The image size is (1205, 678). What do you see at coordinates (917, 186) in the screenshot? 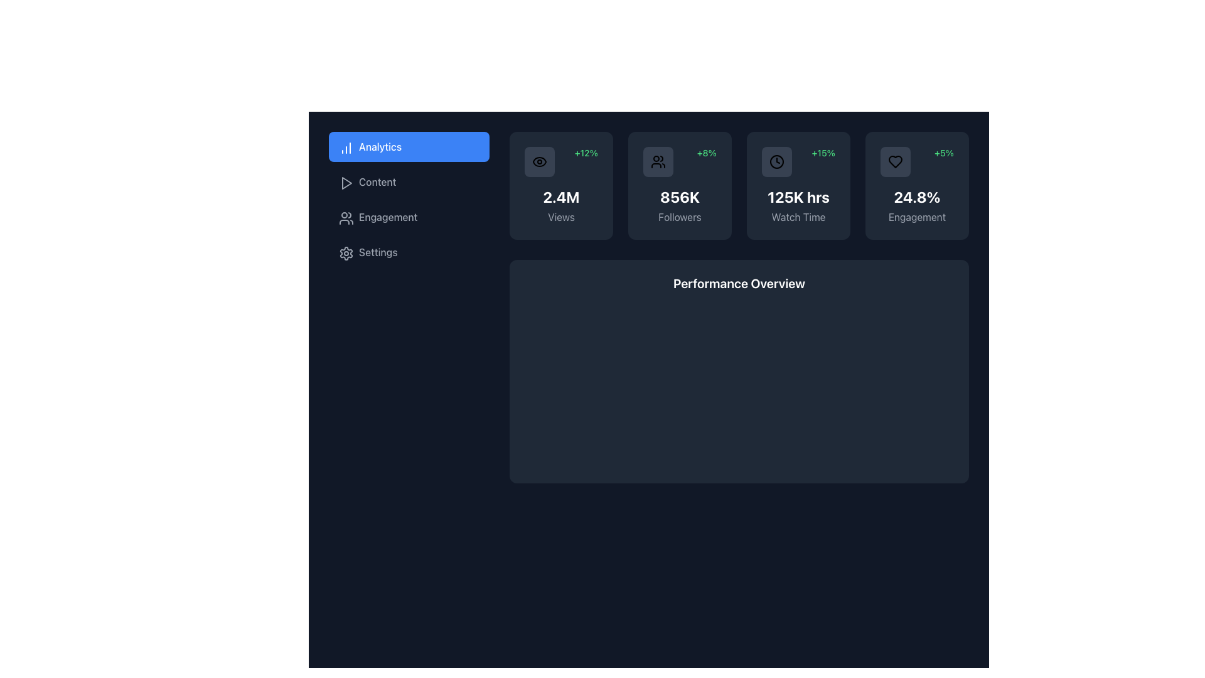
I see `the fourth Summary card located in the upper-right section of the interface` at bounding box center [917, 186].